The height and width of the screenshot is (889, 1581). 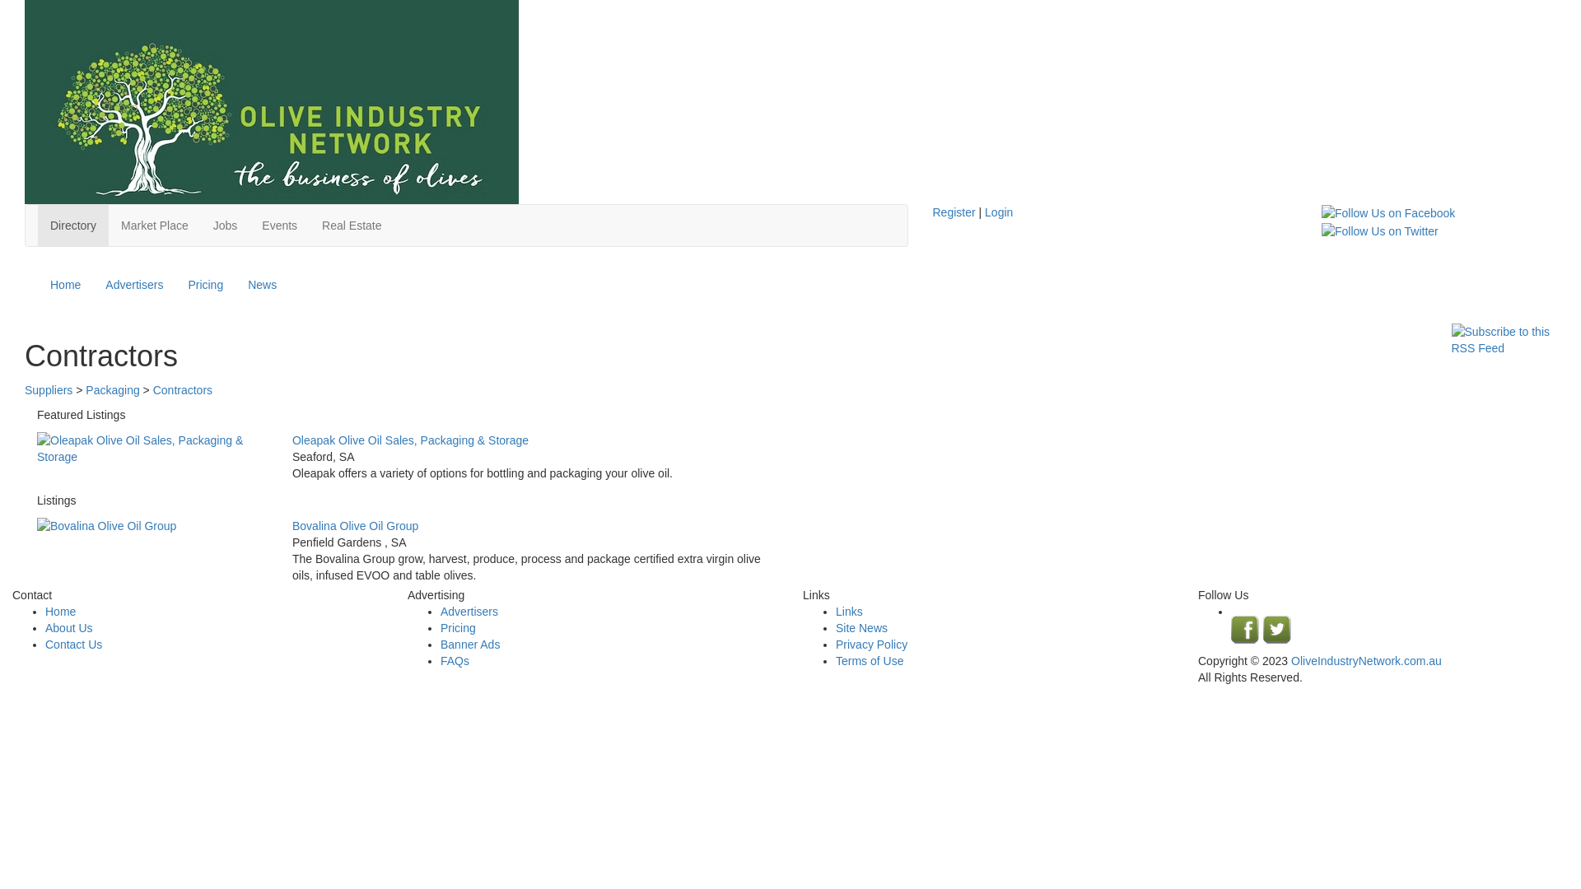 What do you see at coordinates (440, 659) in the screenshot?
I see `'FAQs'` at bounding box center [440, 659].